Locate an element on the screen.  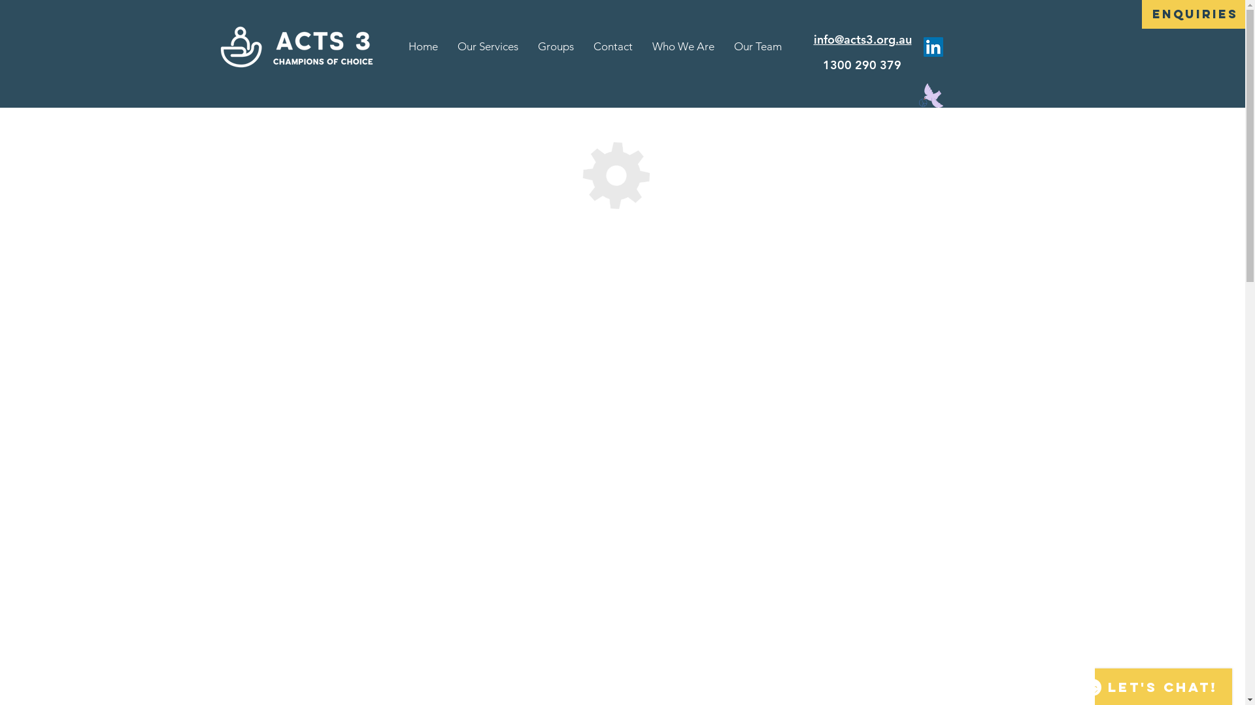
'info@acts3.org.au' is located at coordinates (812, 39).